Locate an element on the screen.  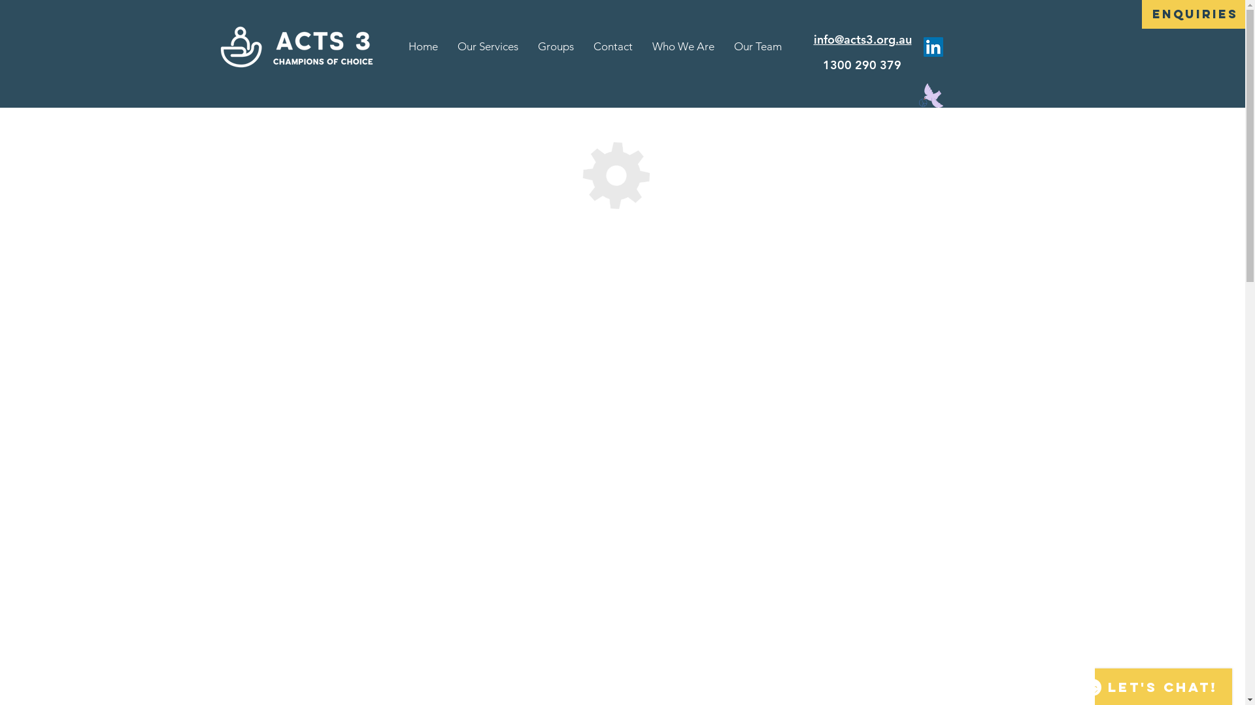
'info@acts3.org.au' is located at coordinates (812, 39).